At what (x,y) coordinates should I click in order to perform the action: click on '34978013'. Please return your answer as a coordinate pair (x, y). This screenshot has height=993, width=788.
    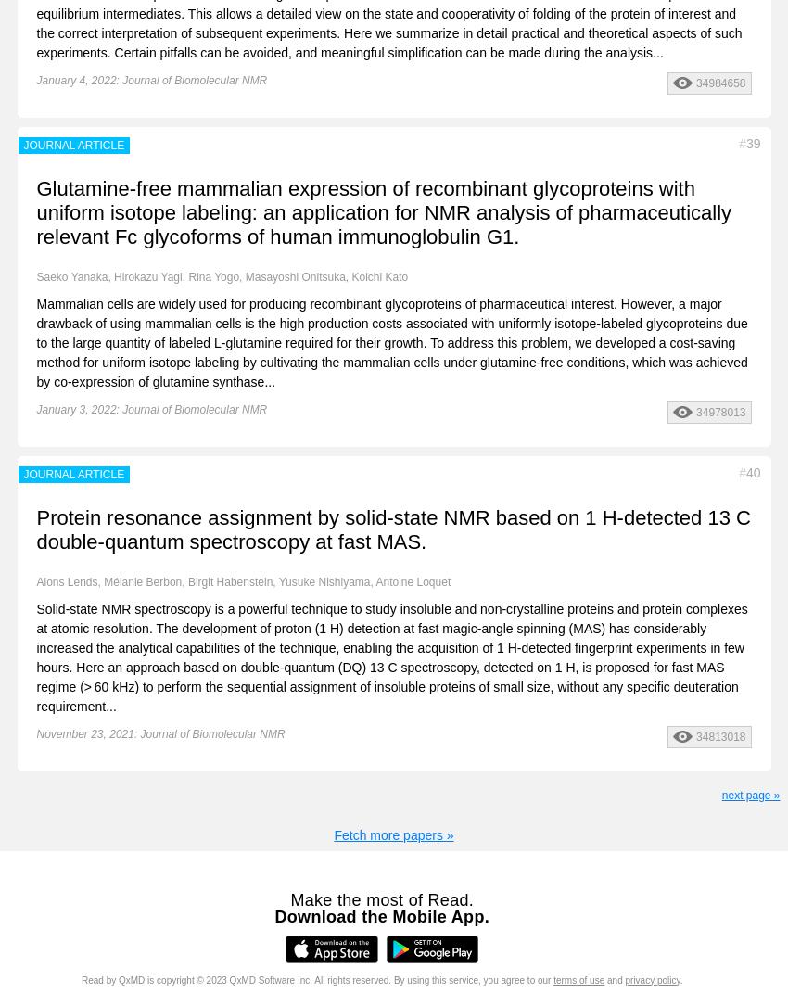
    Looking at the image, I should click on (719, 412).